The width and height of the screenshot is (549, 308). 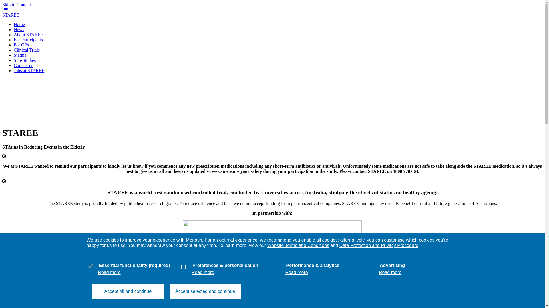 What do you see at coordinates (24, 60) in the screenshot?
I see `'Sub-Studies'` at bounding box center [24, 60].